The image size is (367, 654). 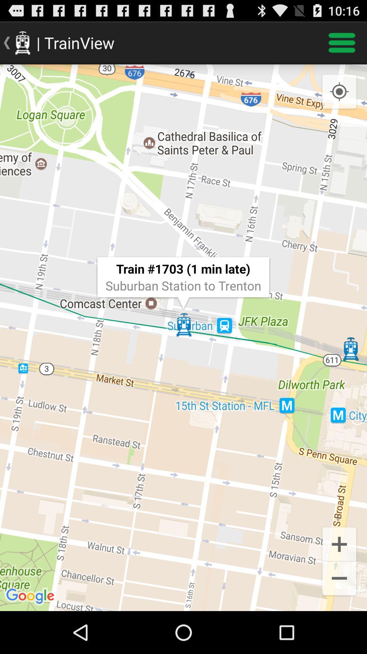 I want to click on the add icon, so click(x=339, y=581).